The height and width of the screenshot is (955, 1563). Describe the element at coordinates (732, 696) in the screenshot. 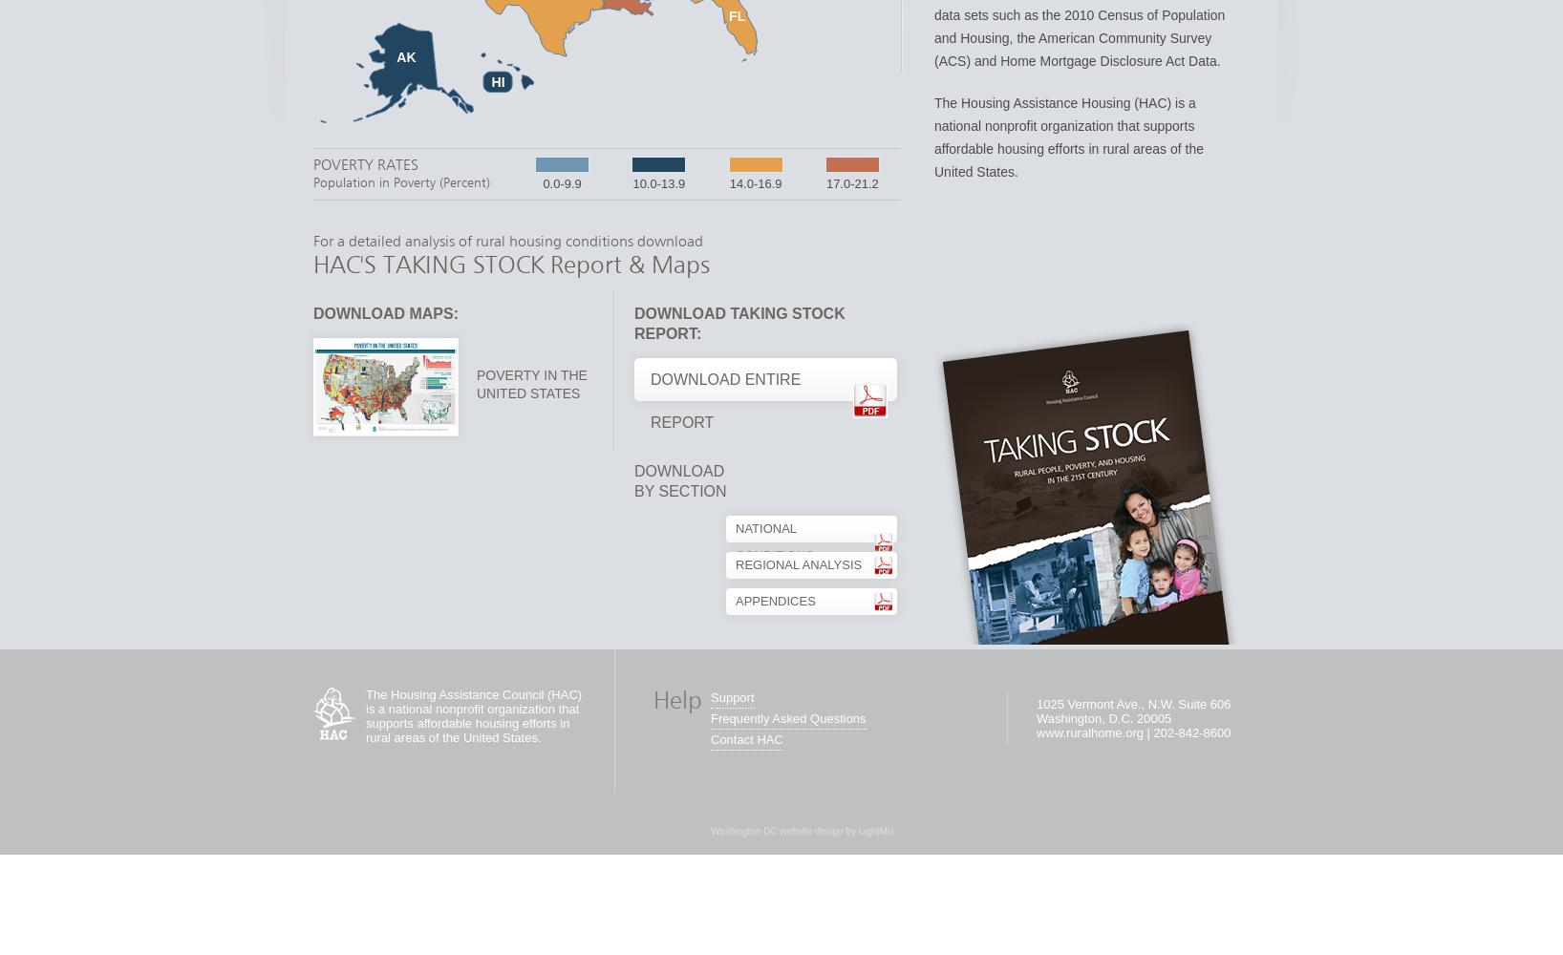

I see `'Support'` at that location.